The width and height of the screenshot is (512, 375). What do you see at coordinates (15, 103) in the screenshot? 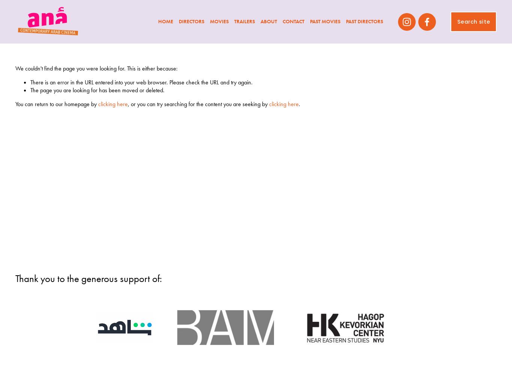
I see `'You can return to our homepage by'` at bounding box center [15, 103].